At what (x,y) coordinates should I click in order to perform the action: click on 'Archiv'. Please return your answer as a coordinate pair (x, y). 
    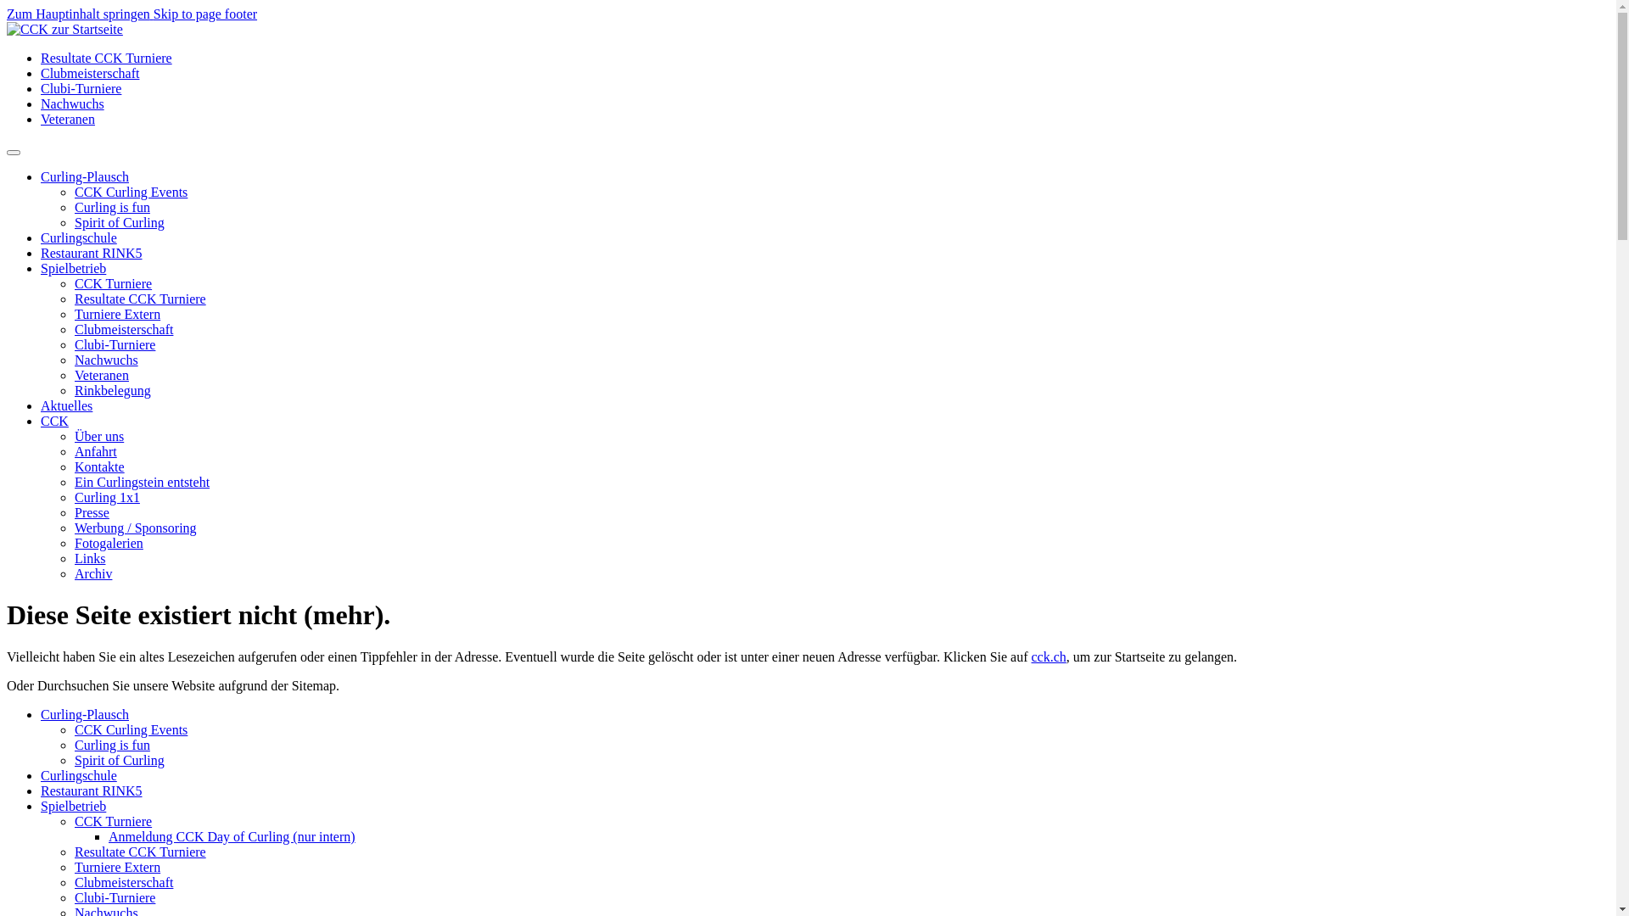
    Looking at the image, I should click on (73, 572).